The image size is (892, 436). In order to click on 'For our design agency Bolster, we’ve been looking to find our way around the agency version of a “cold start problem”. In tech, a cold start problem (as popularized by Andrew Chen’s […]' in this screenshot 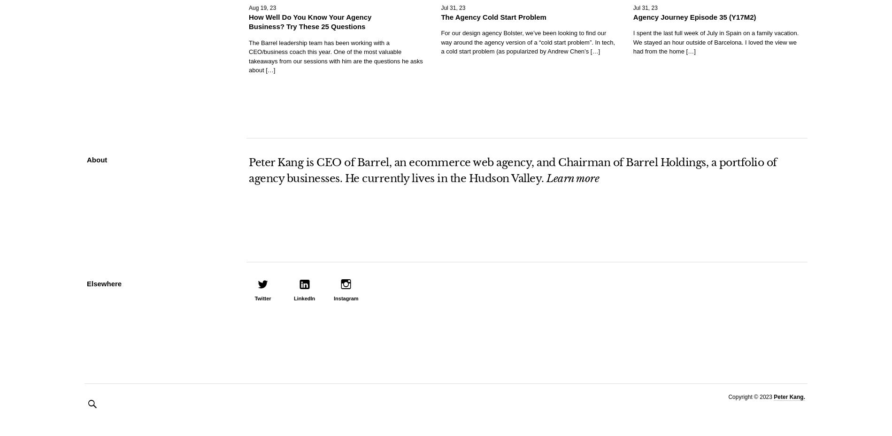, I will do `click(528, 42)`.